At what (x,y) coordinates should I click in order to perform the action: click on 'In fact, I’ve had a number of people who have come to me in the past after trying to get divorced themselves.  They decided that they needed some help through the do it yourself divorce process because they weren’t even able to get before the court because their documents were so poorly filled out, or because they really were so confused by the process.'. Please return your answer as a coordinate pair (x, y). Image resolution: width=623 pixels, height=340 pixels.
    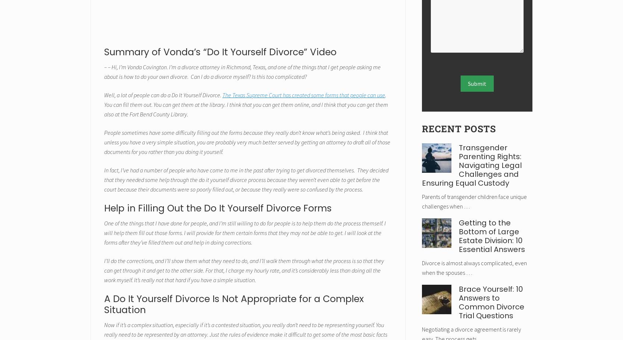
    Looking at the image, I should click on (246, 179).